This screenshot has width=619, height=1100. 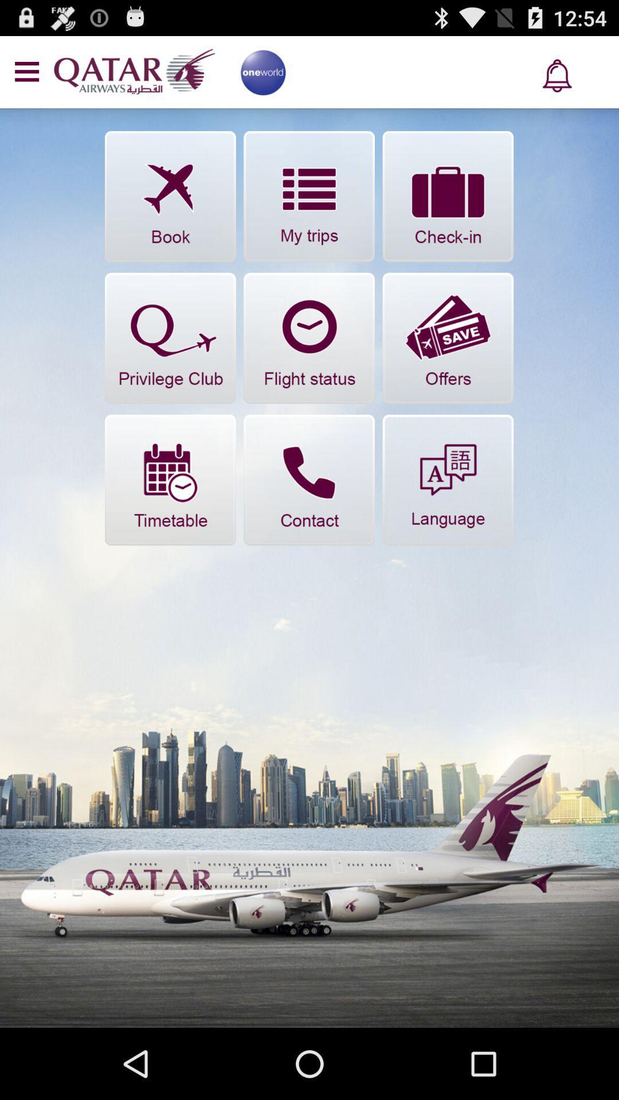 I want to click on contact the company, so click(x=308, y=480).